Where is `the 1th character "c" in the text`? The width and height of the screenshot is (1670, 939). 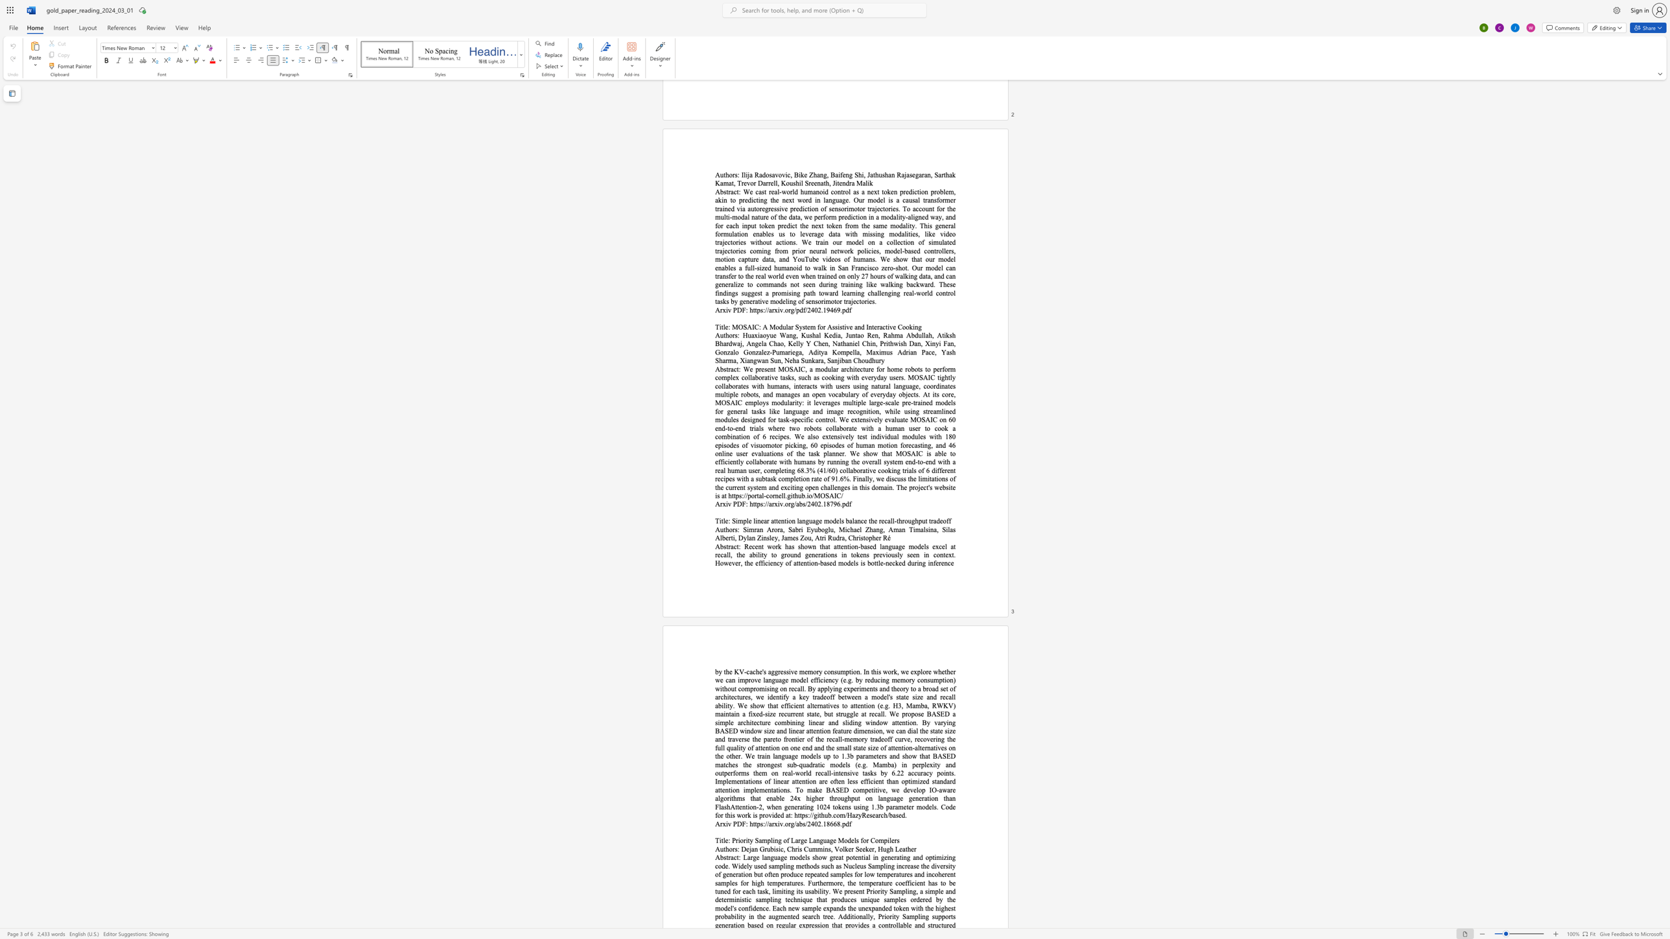
the 1th character "c" in the text is located at coordinates (735, 546).